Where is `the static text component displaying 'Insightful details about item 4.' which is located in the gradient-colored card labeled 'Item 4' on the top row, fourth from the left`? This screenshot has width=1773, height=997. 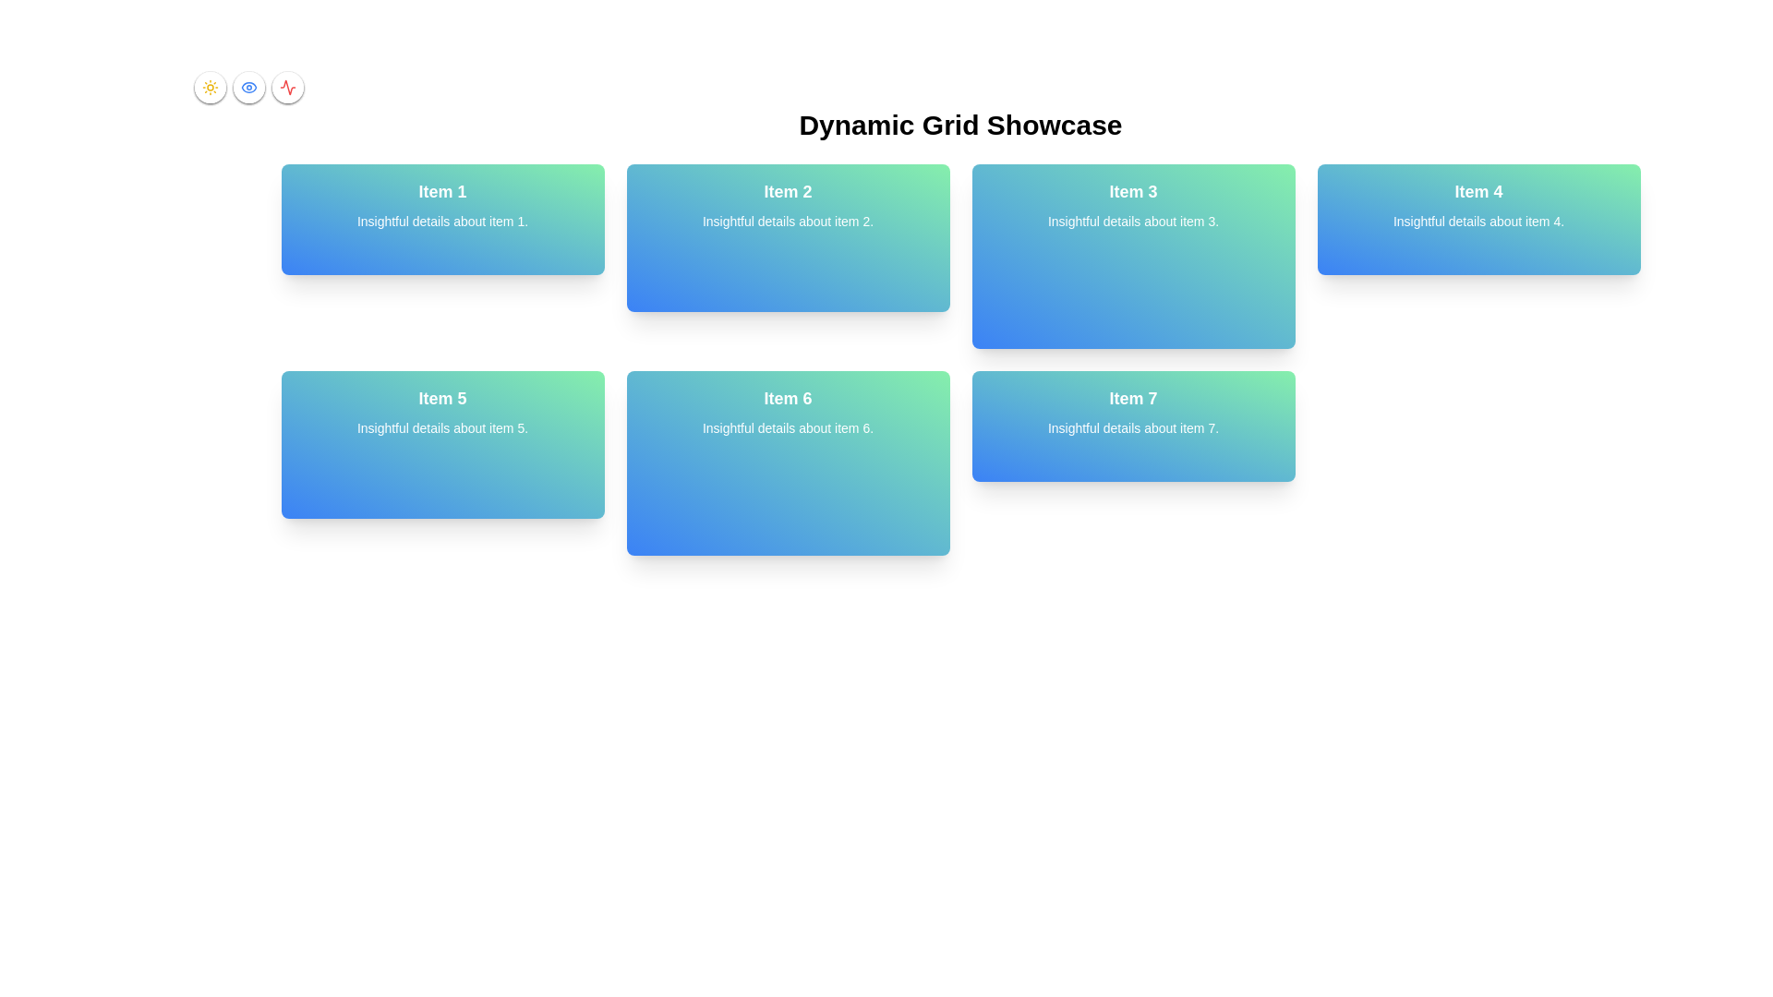 the static text component displaying 'Insightful details about item 4.' which is located in the gradient-colored card labeled 'Item 4' on the top row, fourth from the left is located at coordinates (1478, 220).